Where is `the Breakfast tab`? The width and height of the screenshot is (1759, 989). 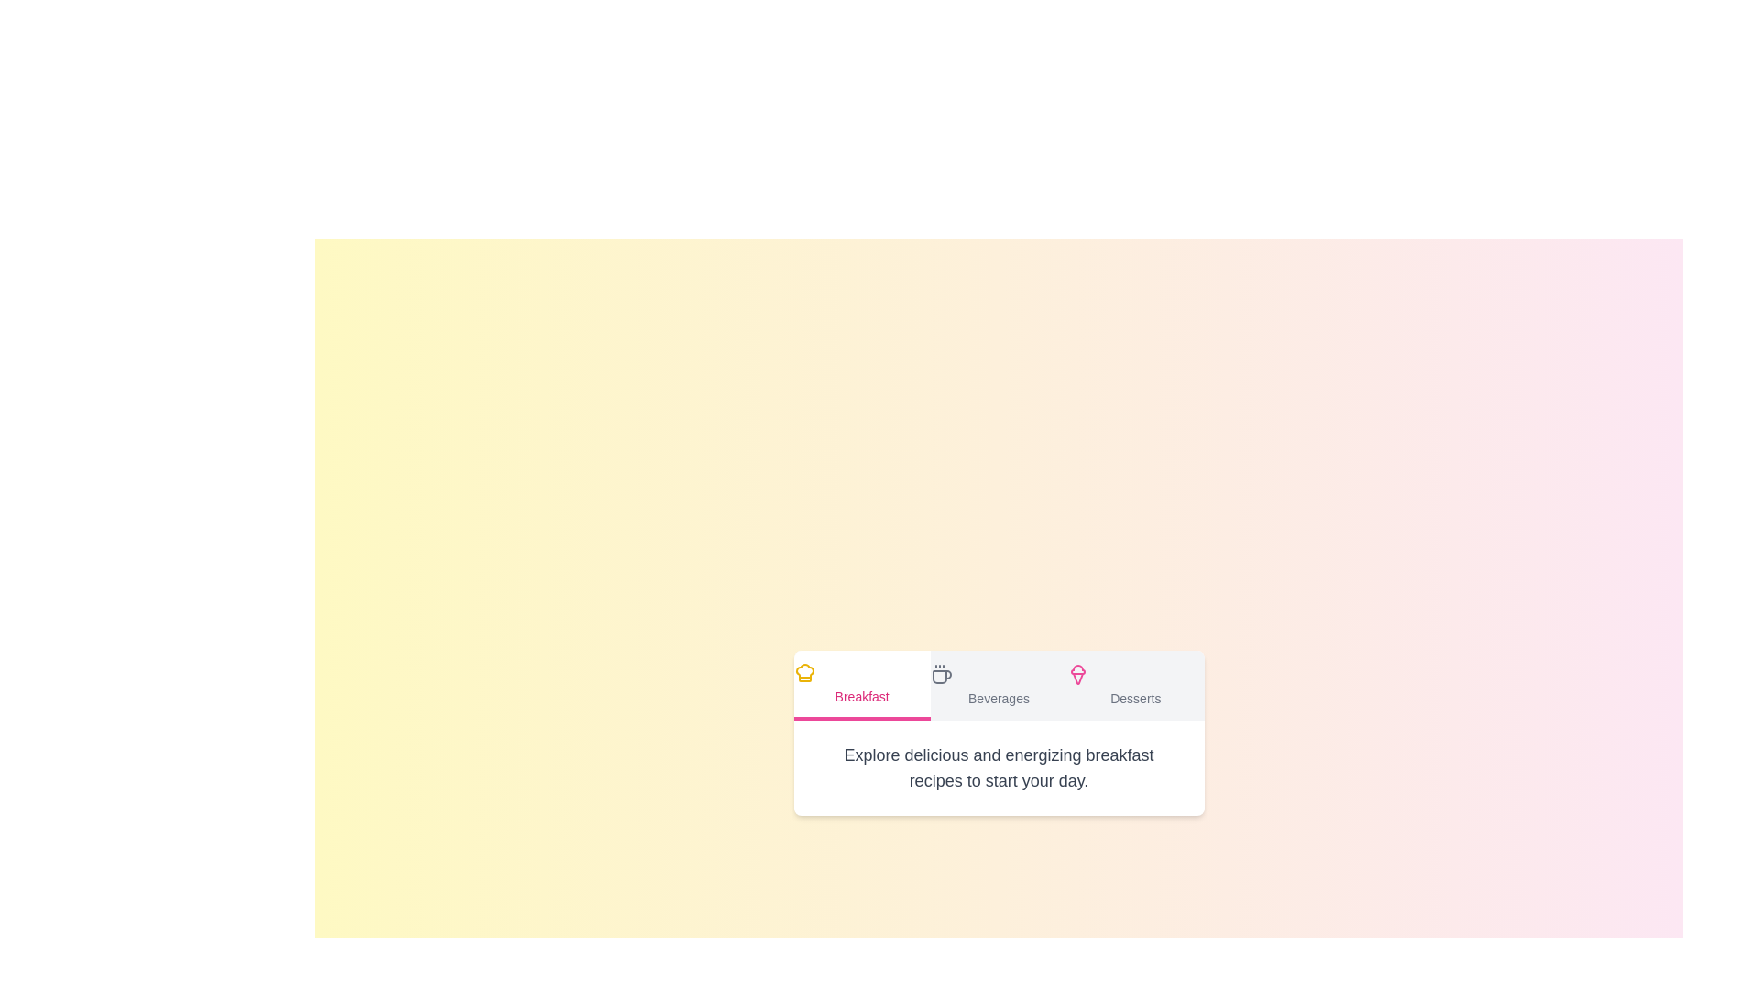
the Breakfast tab is located at coordinates (861, 685).